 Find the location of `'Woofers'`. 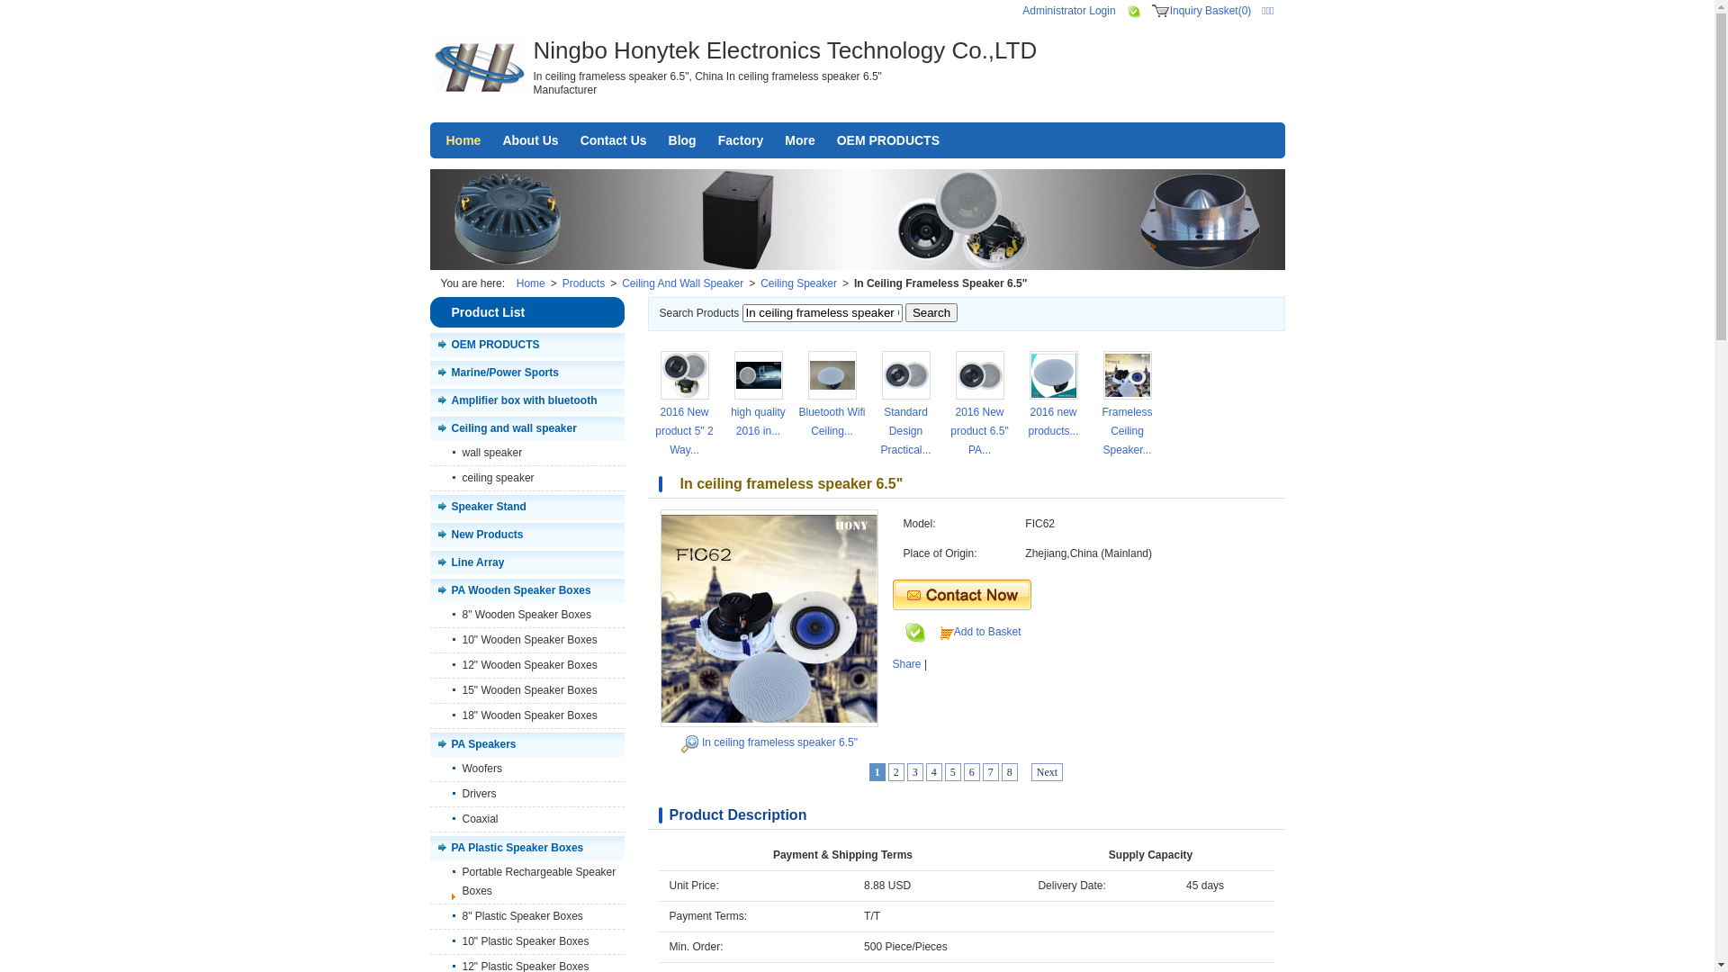

'Woofers' is located at coordinates (526, 769).